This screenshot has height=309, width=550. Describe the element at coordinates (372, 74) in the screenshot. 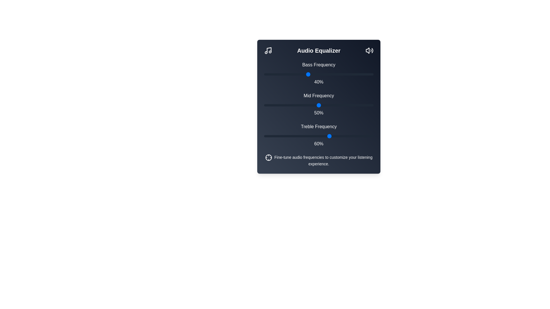

I see `the 0 slider to 99%` at that location.